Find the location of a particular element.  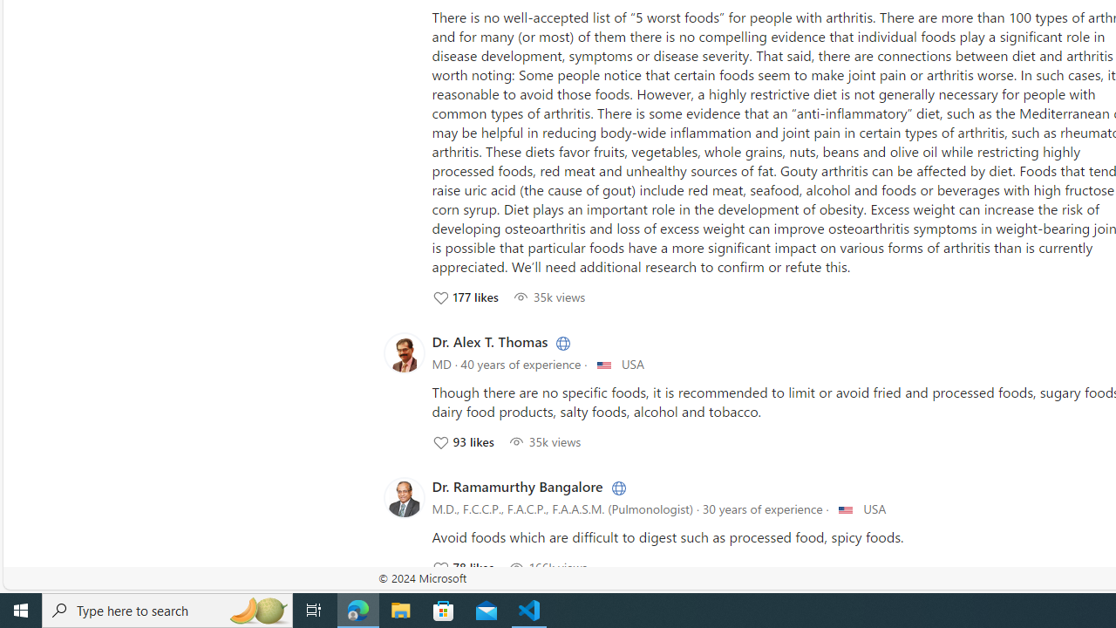

'93 Like; Click to Like' is located at coordinates (462, 440).